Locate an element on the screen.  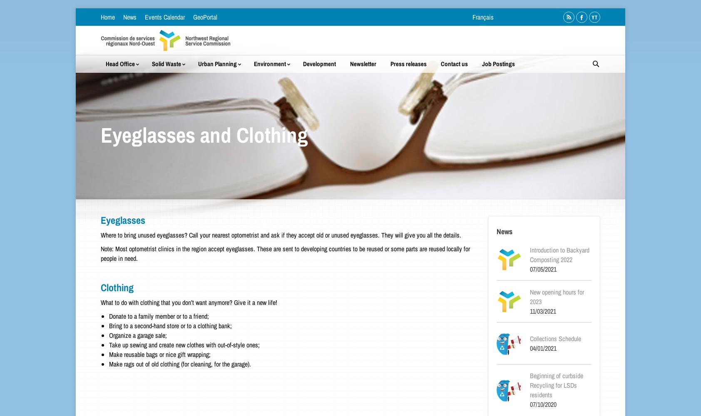
'FoRCE' is located at coordinates (266, 129).